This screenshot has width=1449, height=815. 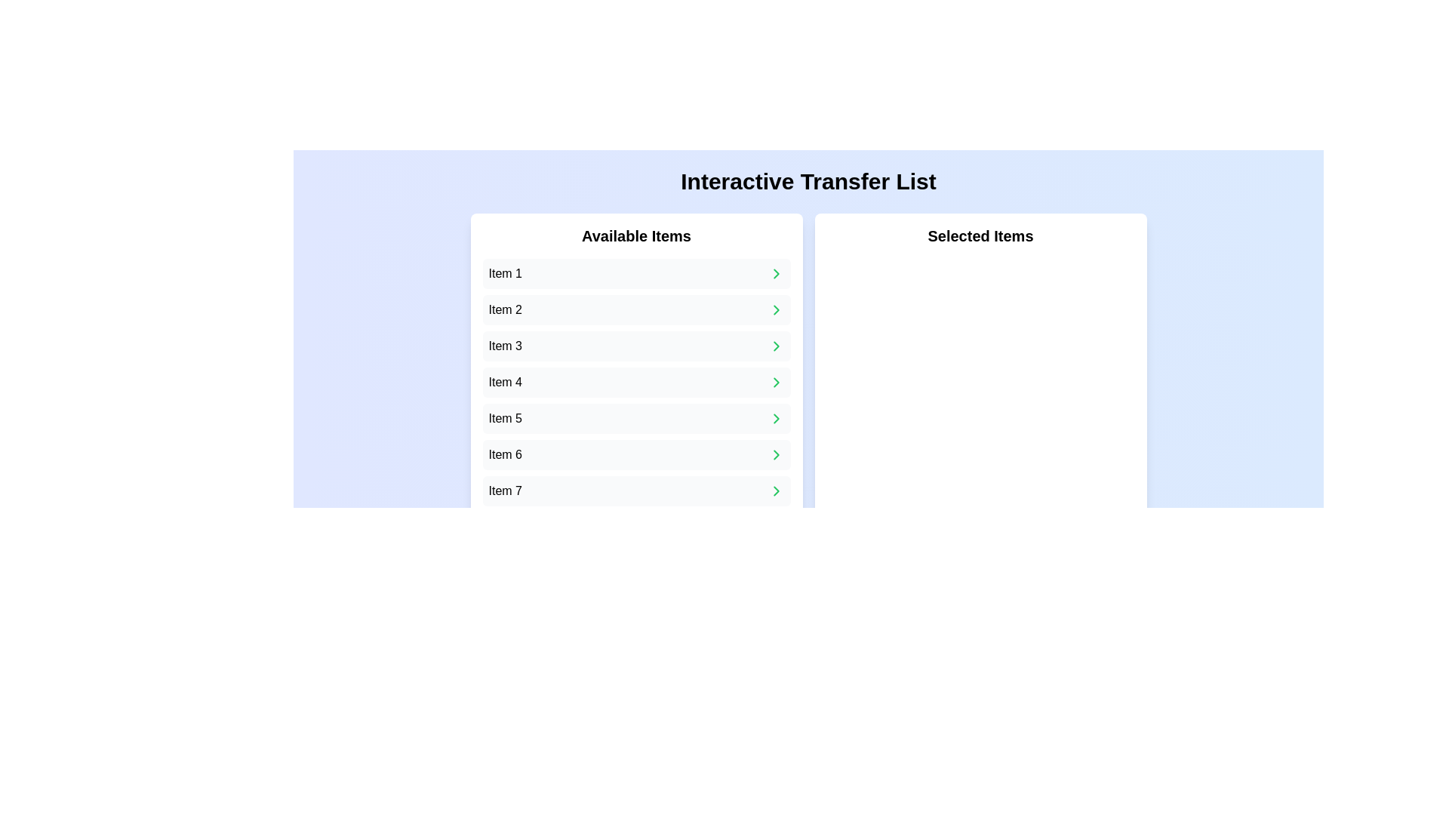 I want to click on the text label displaying 'Item 1' which is the first item in the list under 'Available Items', so click(x=505, y=273).